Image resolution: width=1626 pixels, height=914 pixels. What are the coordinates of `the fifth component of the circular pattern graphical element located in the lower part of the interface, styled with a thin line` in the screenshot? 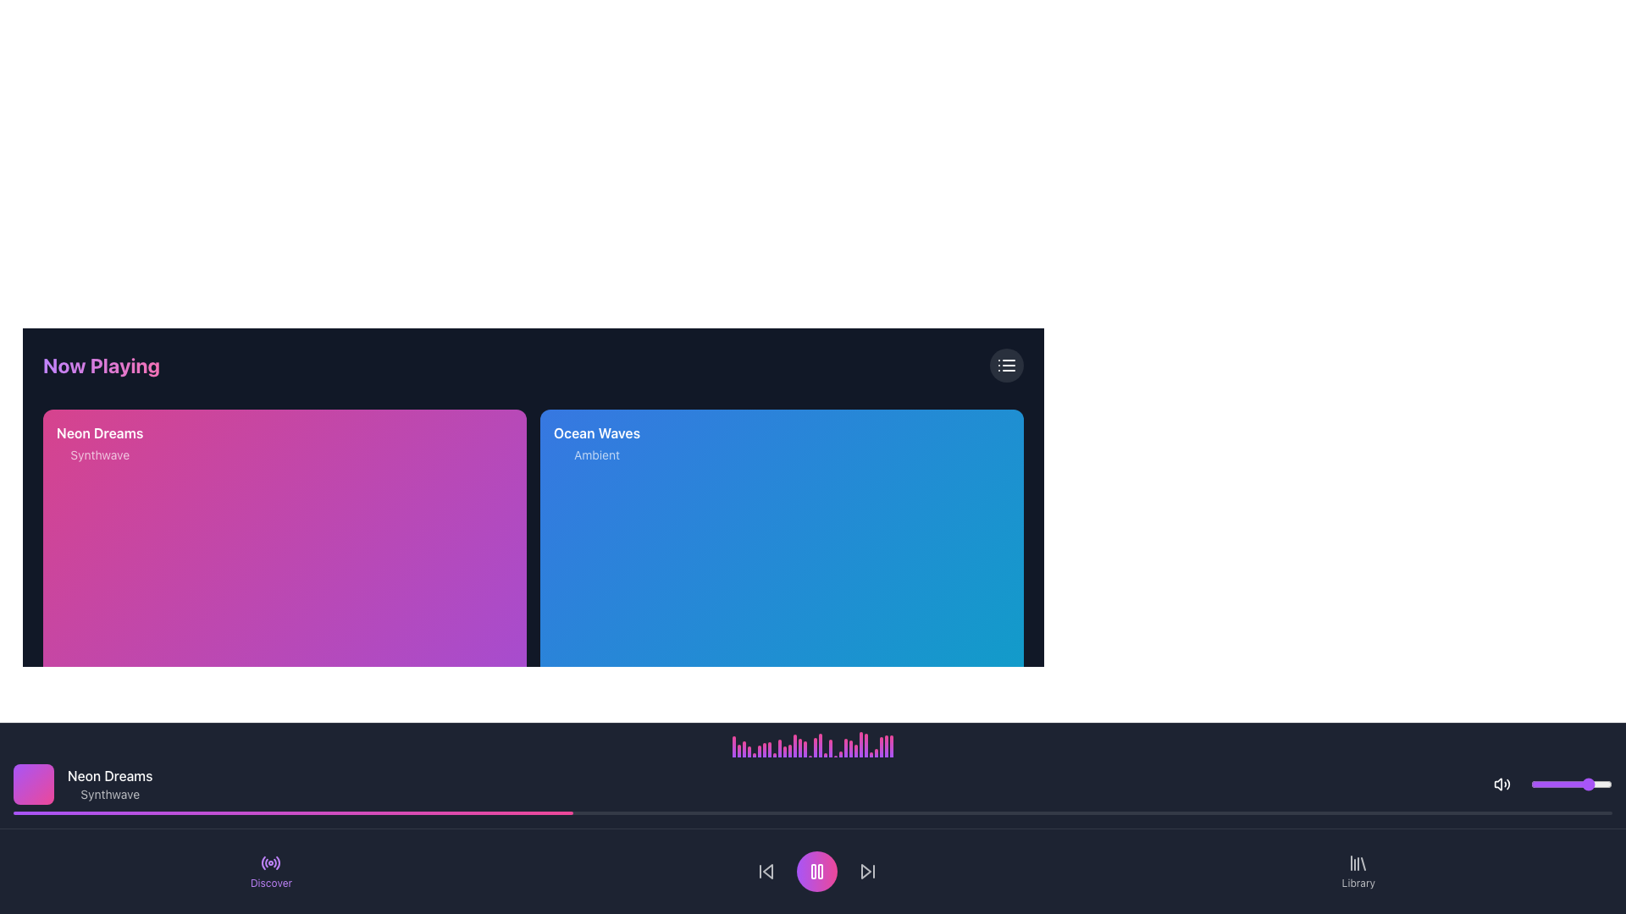 It's located at (279, 862).